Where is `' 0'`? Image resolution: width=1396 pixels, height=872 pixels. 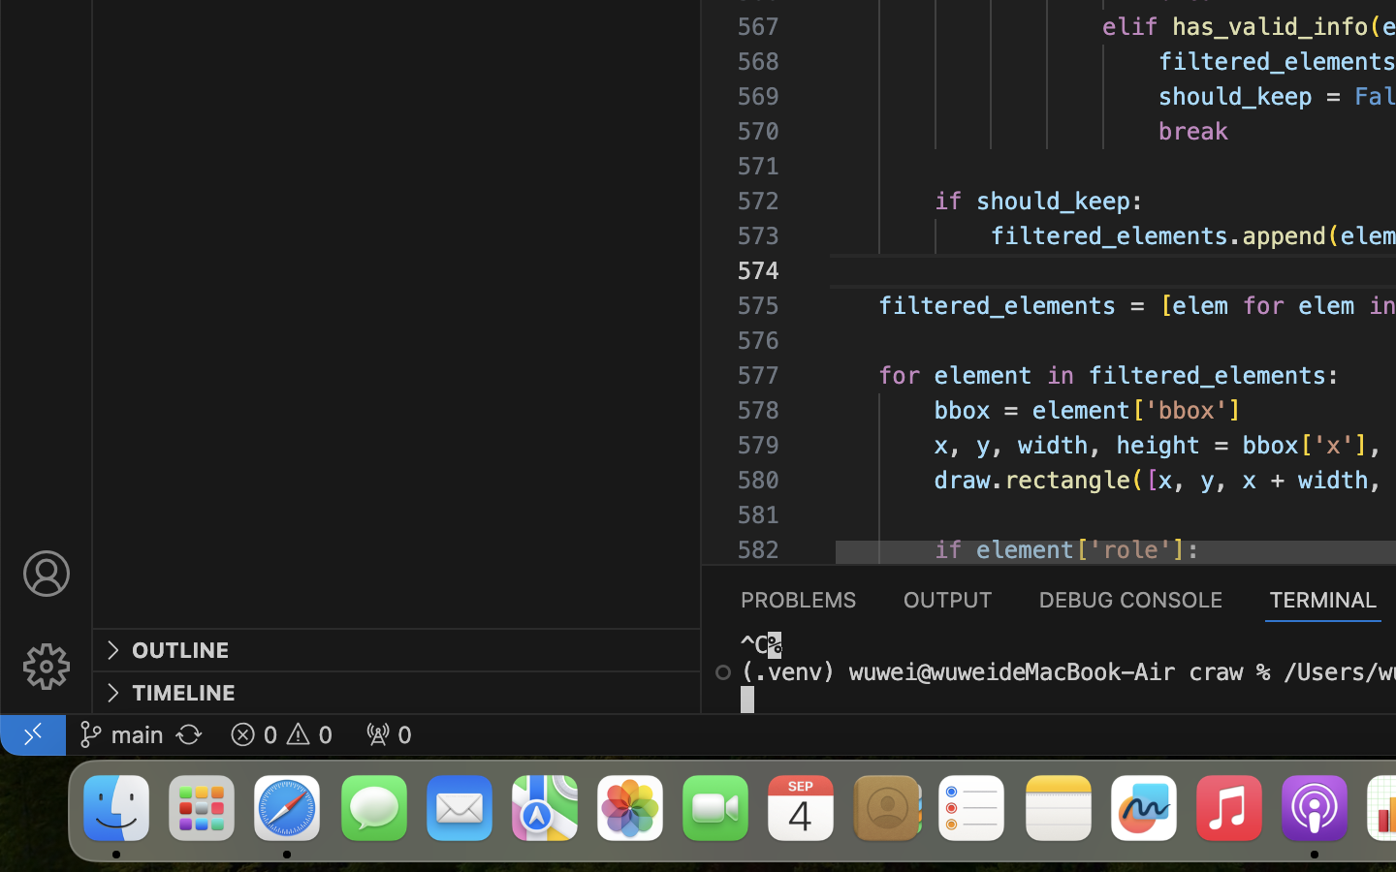 ' 0' is located at coordinates (388, 732).